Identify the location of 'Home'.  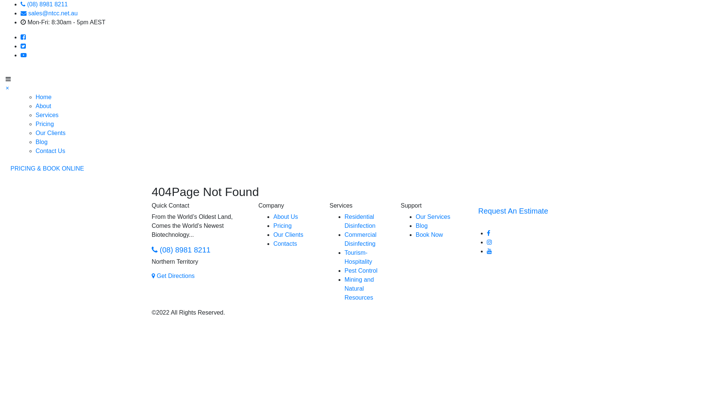
(43, 97).